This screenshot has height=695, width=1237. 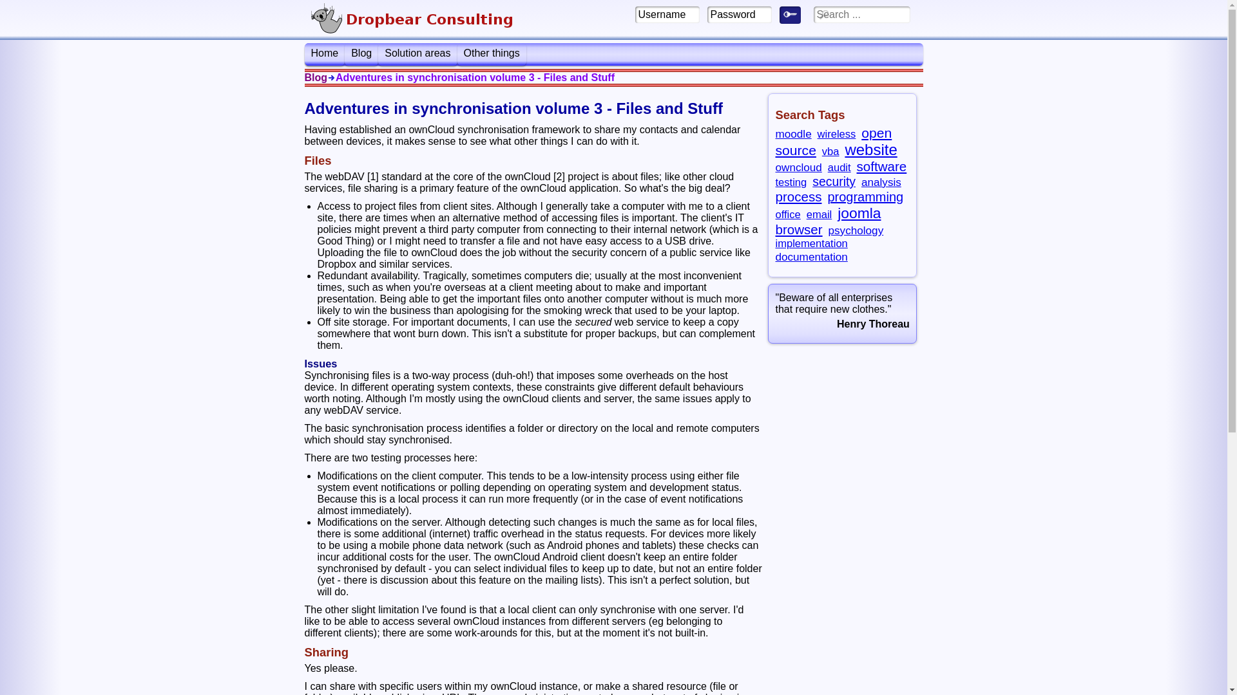 What do you see at coordinates (324, 53) in the screenshot?
I see `'Home'` at bounding box center [324, 53].